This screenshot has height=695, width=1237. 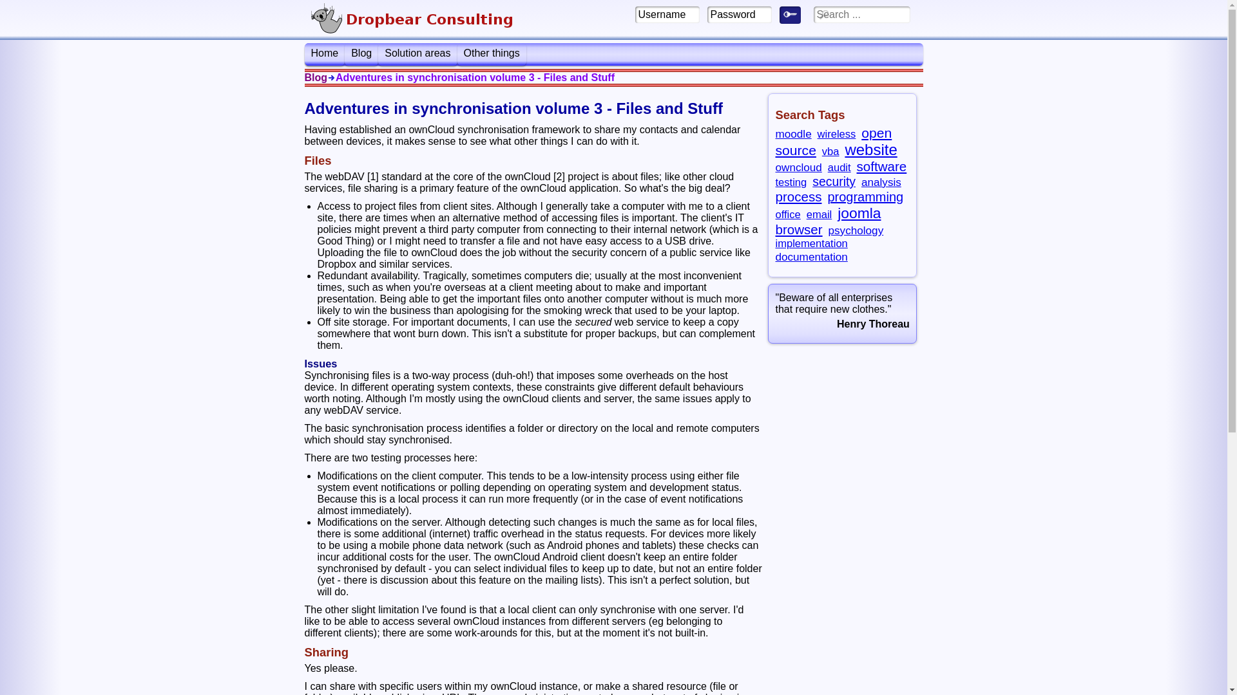 What do you see at coordinates (324, 53) in the screenshot?
I see `'Home'` at bounding box center [324, 53].